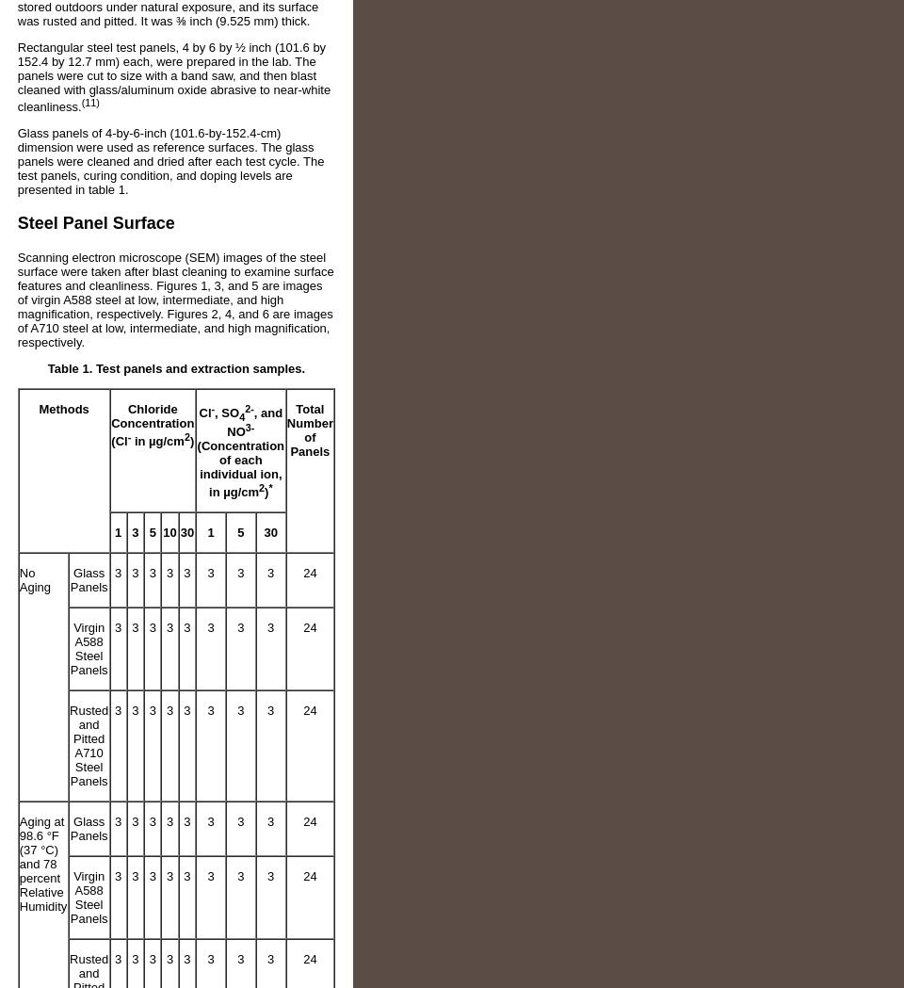 The image size is (904, 988). I want to click on 'Chloride Concentration', so click(151, 415).